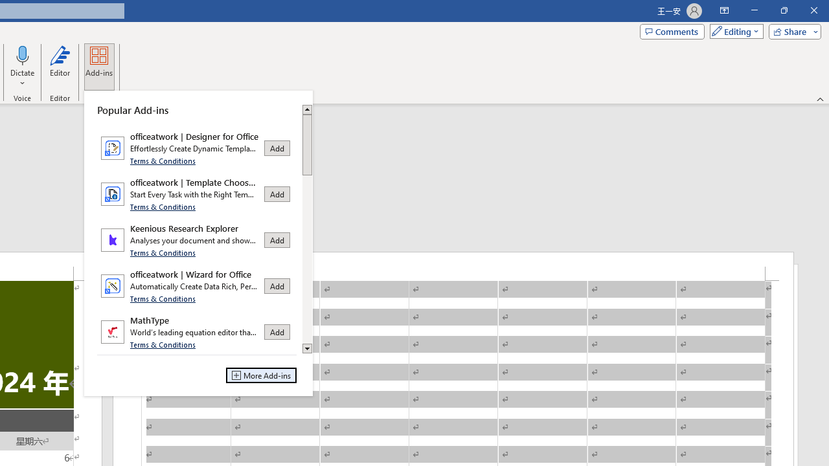 Image resolution: width=829 pixels, height=466 pixels. What do you see at coordinates (306, 348) in the screenshot?
I see `'Line down'` at bounding box center [306, 348].